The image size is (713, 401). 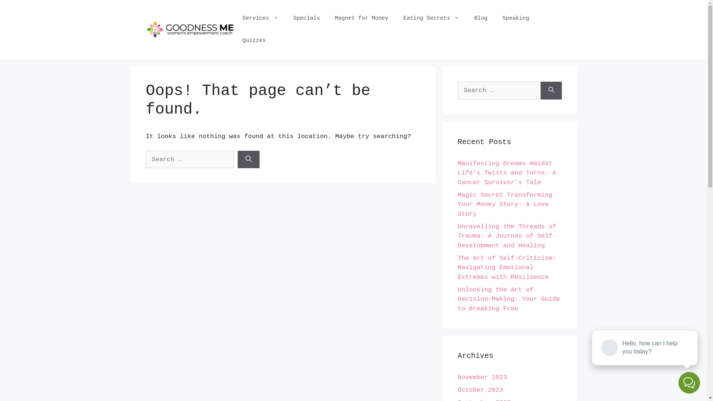 I want to click on 'Services', so click(x=260, y=18).